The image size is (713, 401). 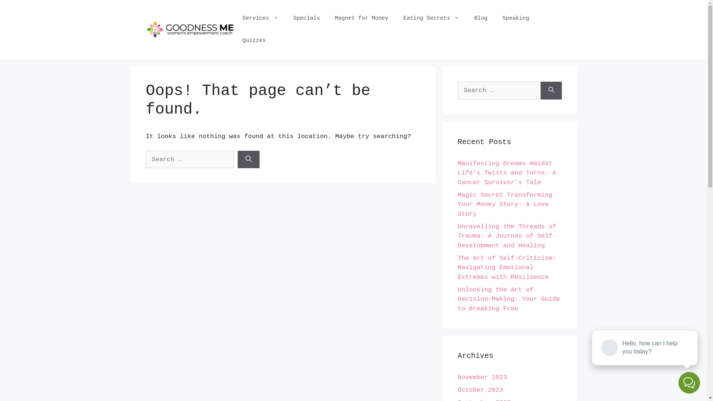 I want to click on 'Services', so click(x=260, y=18).